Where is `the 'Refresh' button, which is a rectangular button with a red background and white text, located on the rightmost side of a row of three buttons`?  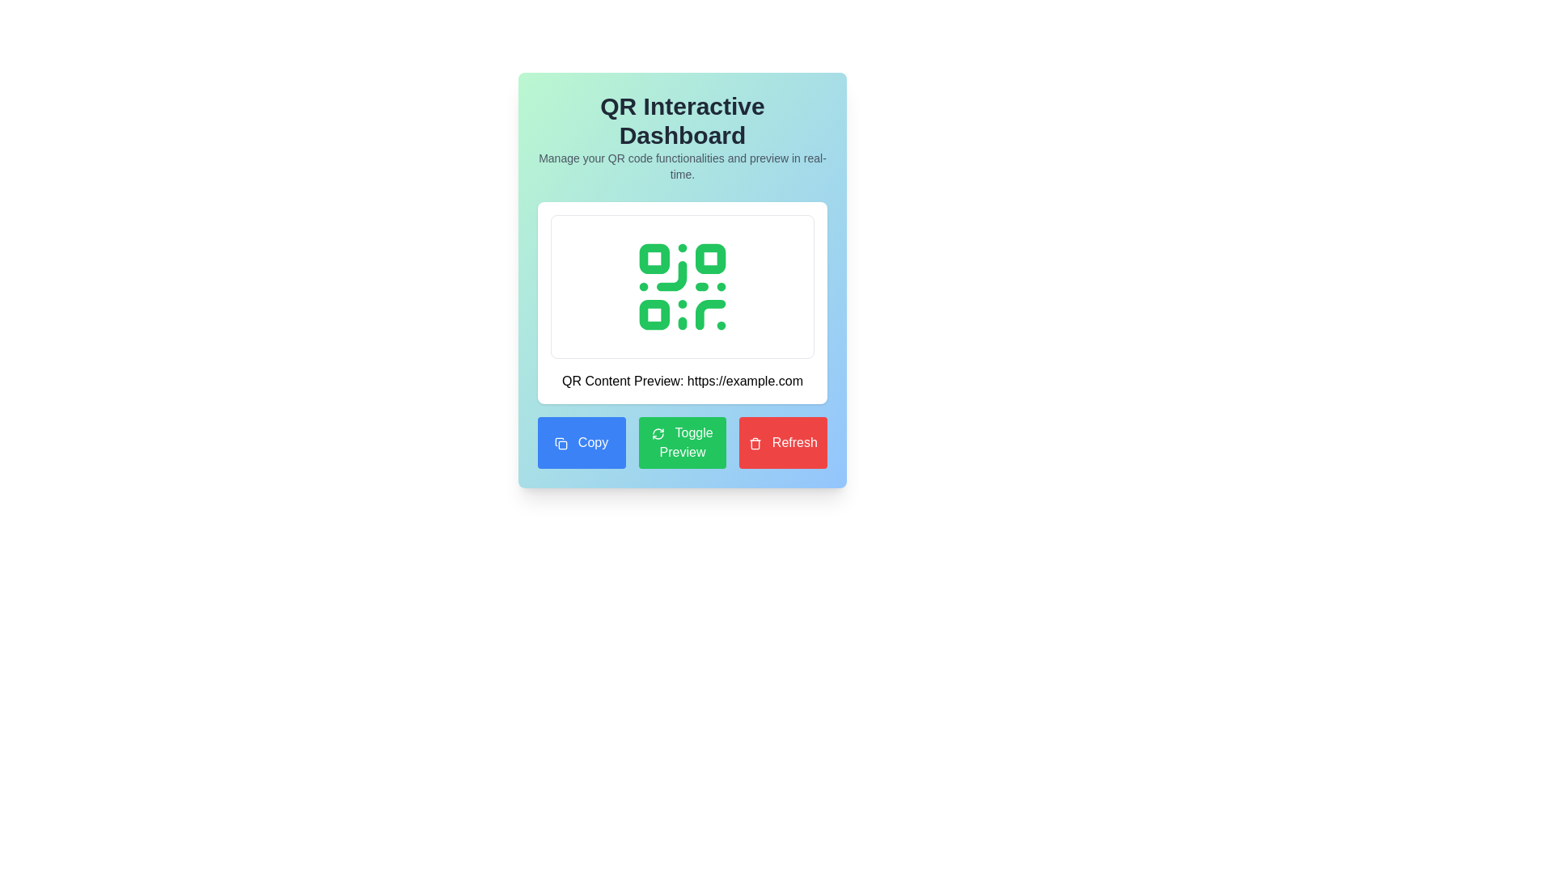
the 'Refresh' button, which is a rectangular button with a red background and white text, located on the rightmost side of a row of three buttons is located at coordinates (783, 442).